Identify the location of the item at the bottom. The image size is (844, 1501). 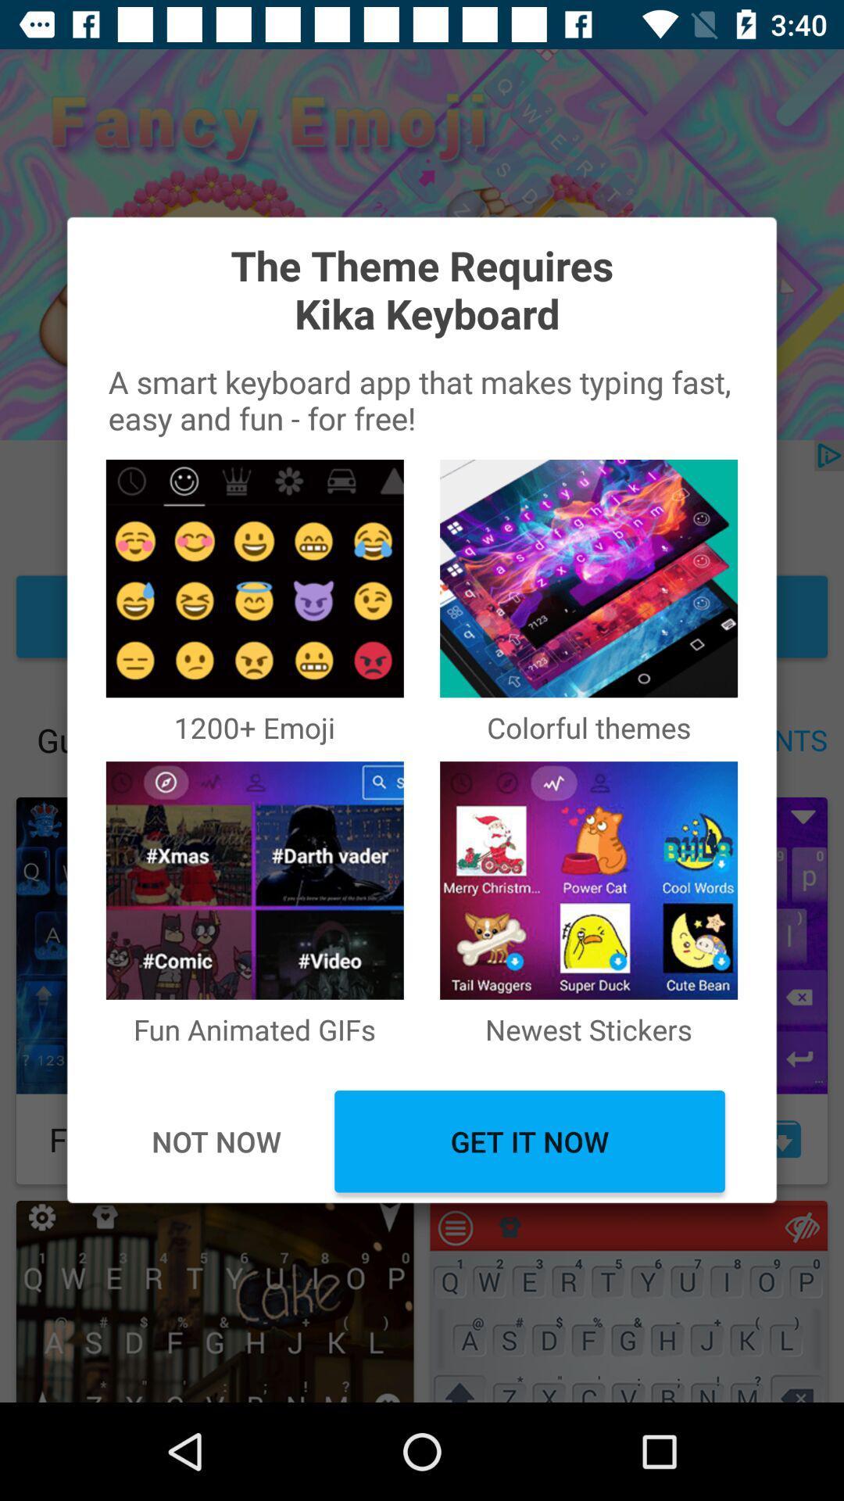
(529, 1141).